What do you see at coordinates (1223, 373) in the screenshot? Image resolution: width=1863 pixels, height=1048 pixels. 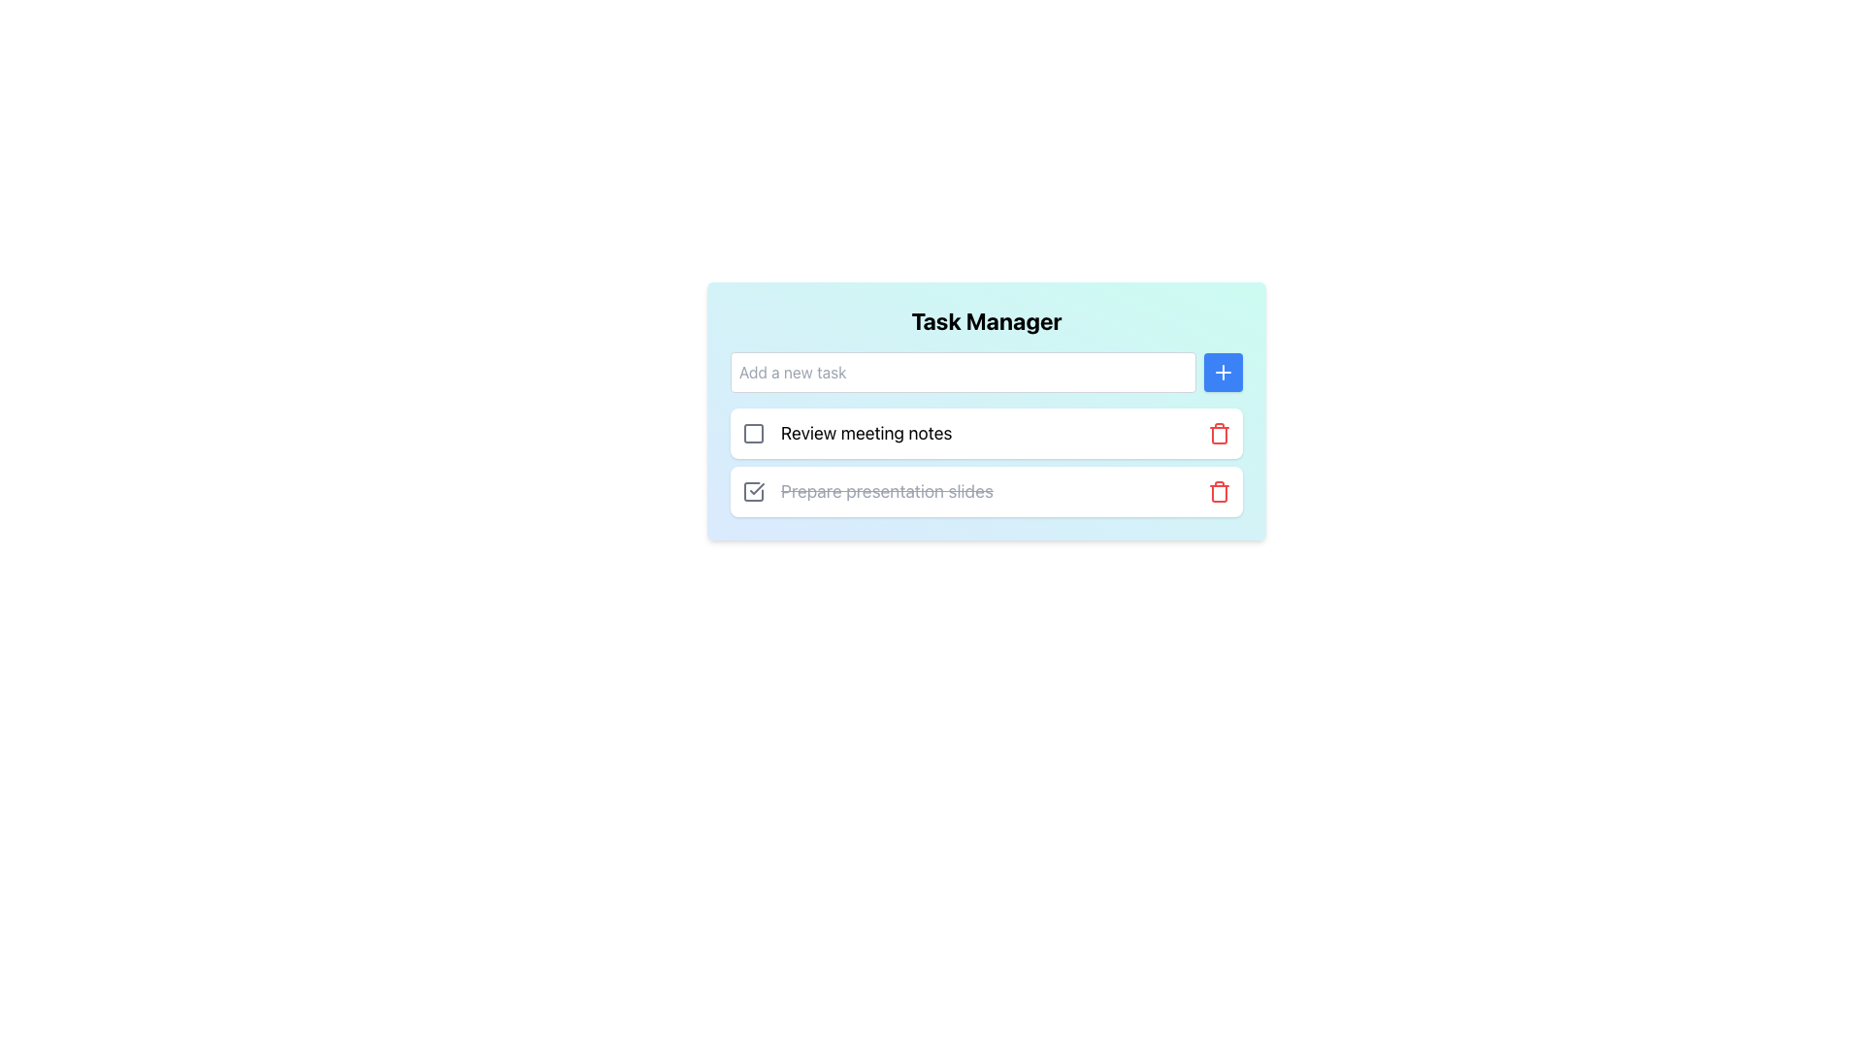 I see `the 'plus' icon with a blue background and white cross` at bounding box center [1223, 373].